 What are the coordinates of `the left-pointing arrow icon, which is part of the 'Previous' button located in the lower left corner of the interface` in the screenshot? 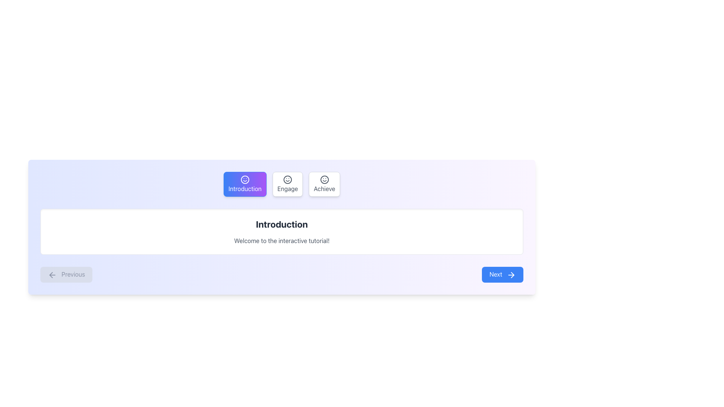 It's located at (52, 275).